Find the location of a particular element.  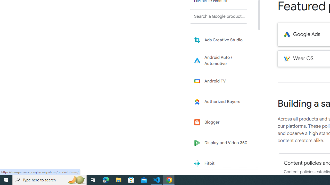

'Search a Google product from below list.' is located at coordinates (219, 16).